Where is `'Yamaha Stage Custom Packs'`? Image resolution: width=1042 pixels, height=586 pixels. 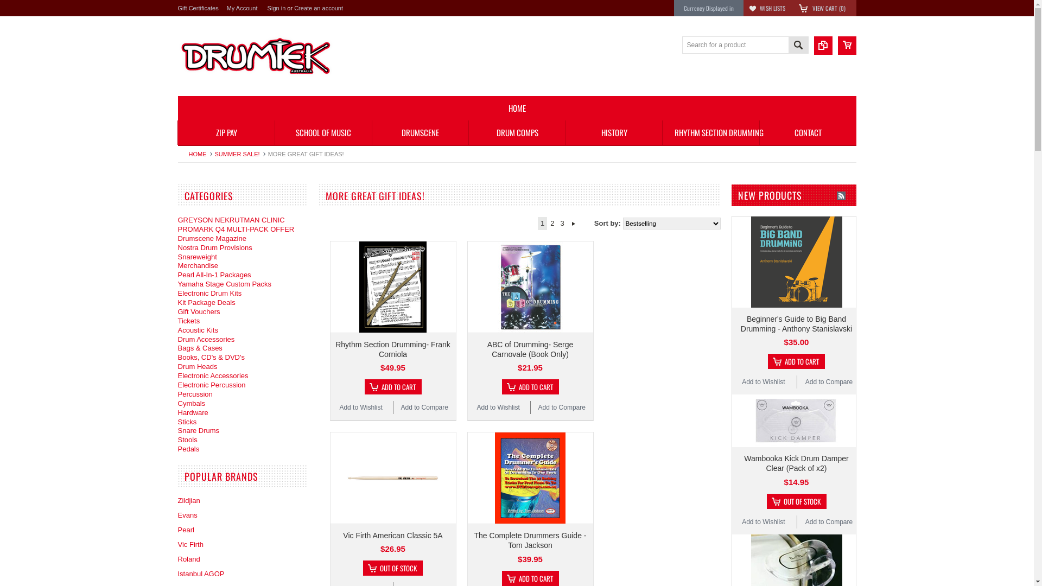
'Yamaha Stage Custom Packs' is located at coordinates (177, 283).